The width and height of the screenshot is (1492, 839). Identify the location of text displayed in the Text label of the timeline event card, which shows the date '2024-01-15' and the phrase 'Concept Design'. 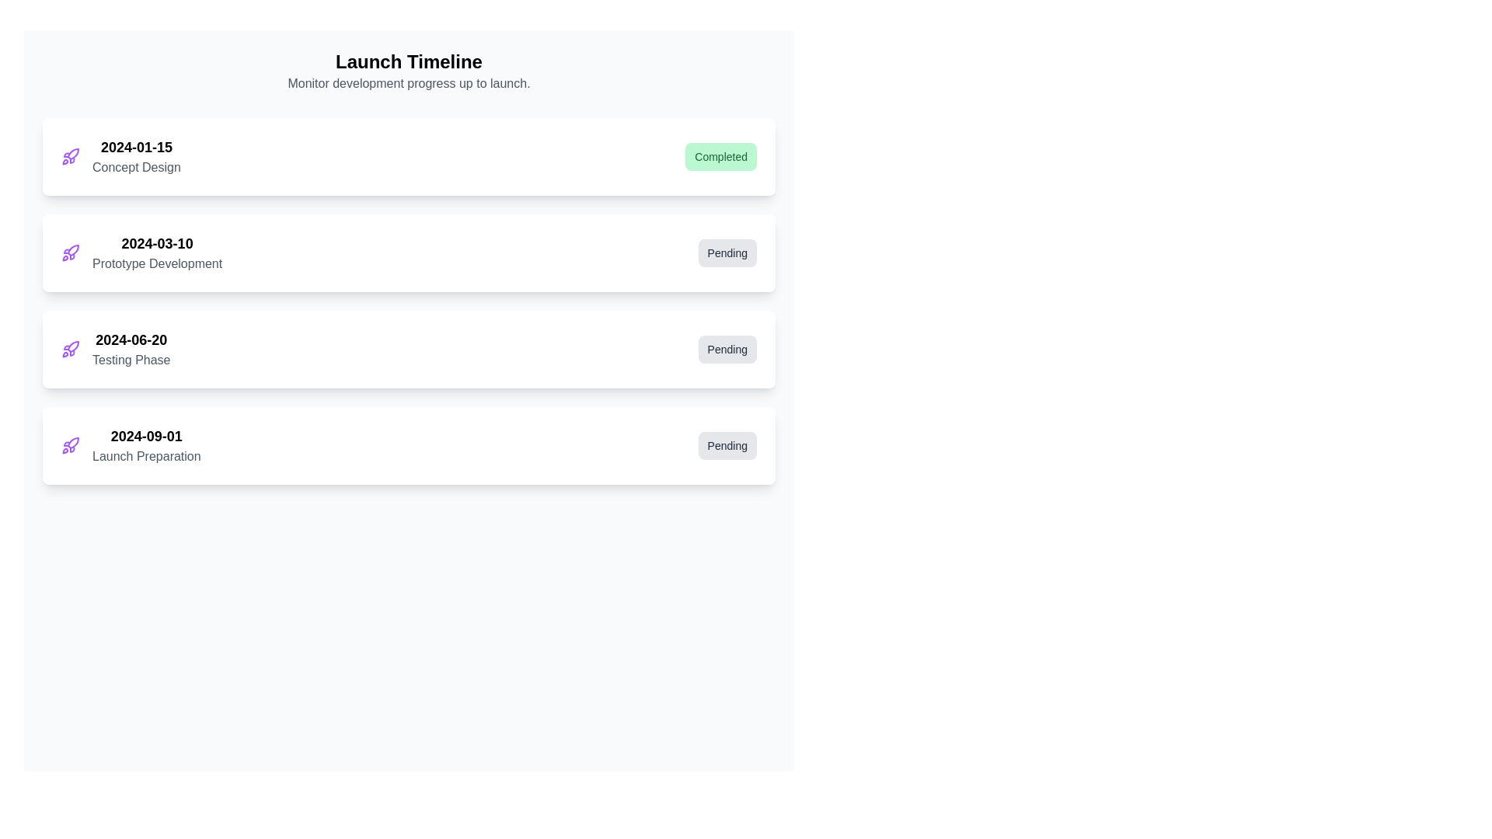
(136, 156).